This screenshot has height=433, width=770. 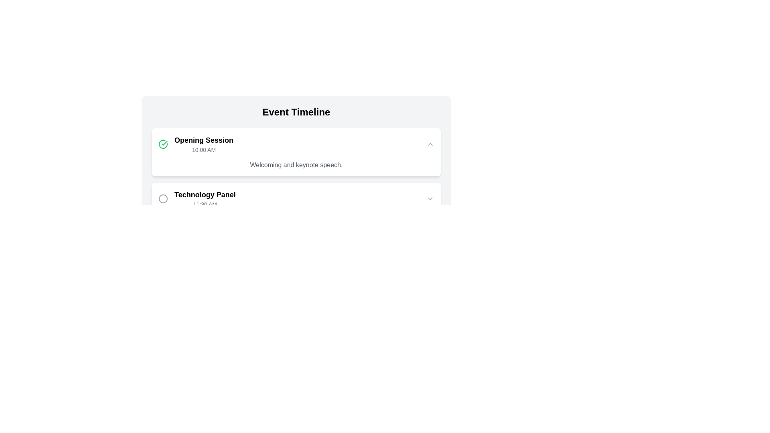 I want to click on text label providing additional details about the 'Opening Session', located below the session's title and time, so click(x=296, y=165).